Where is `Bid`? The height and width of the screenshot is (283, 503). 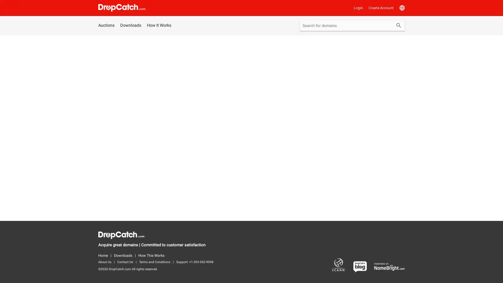
Bid is located at coordinates (393, 147).